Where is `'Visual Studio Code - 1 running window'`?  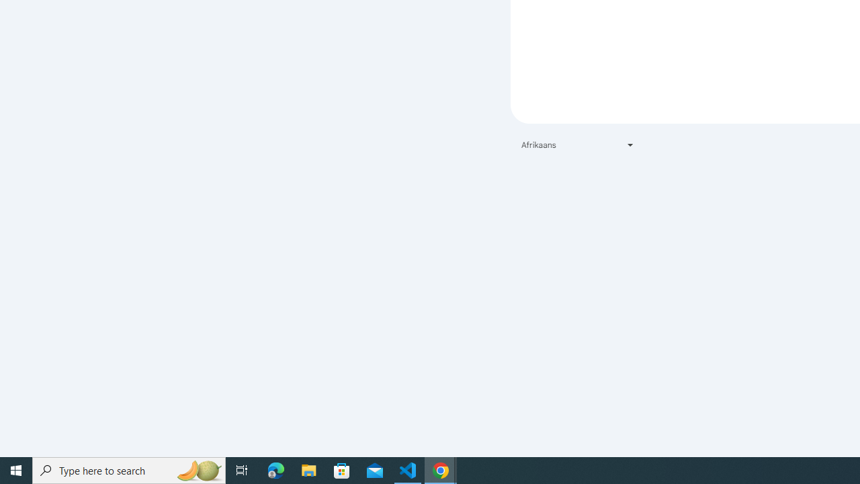 'Visual Studio Code - 1 running window' is located at coordinates (407, 469).